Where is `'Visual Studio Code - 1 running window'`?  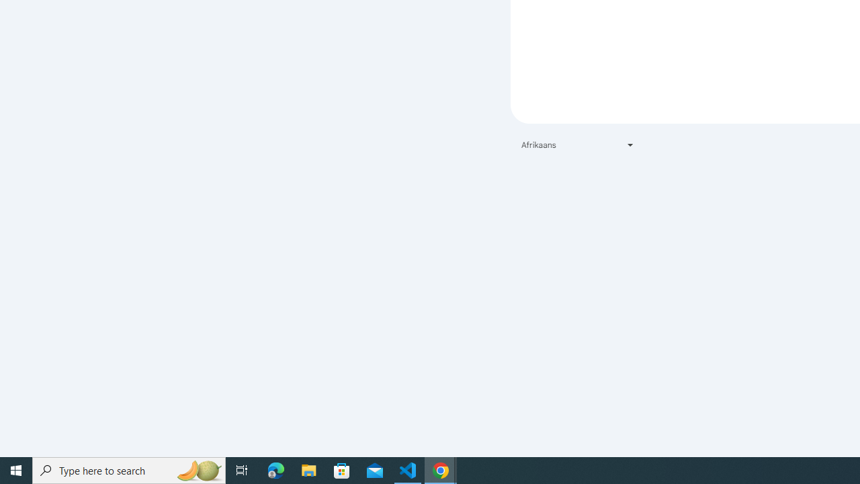 'Visual Studio Code - 1 running window' is located at coordinates (407, 469).